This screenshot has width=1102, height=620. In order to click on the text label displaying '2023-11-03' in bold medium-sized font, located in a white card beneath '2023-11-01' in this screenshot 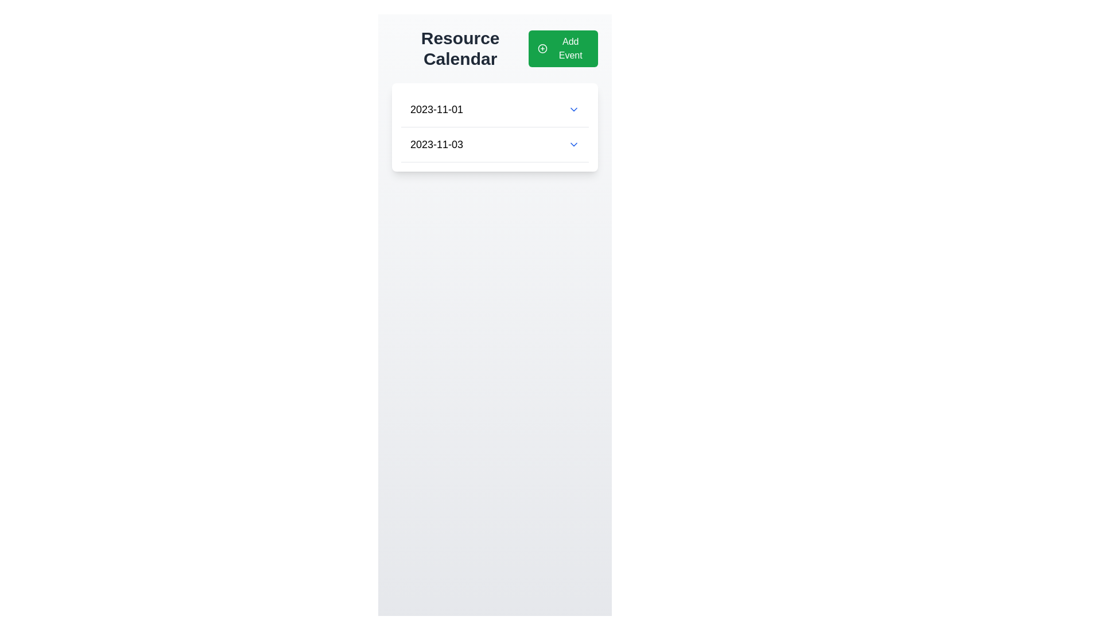, I will do `click(436, 144)`.